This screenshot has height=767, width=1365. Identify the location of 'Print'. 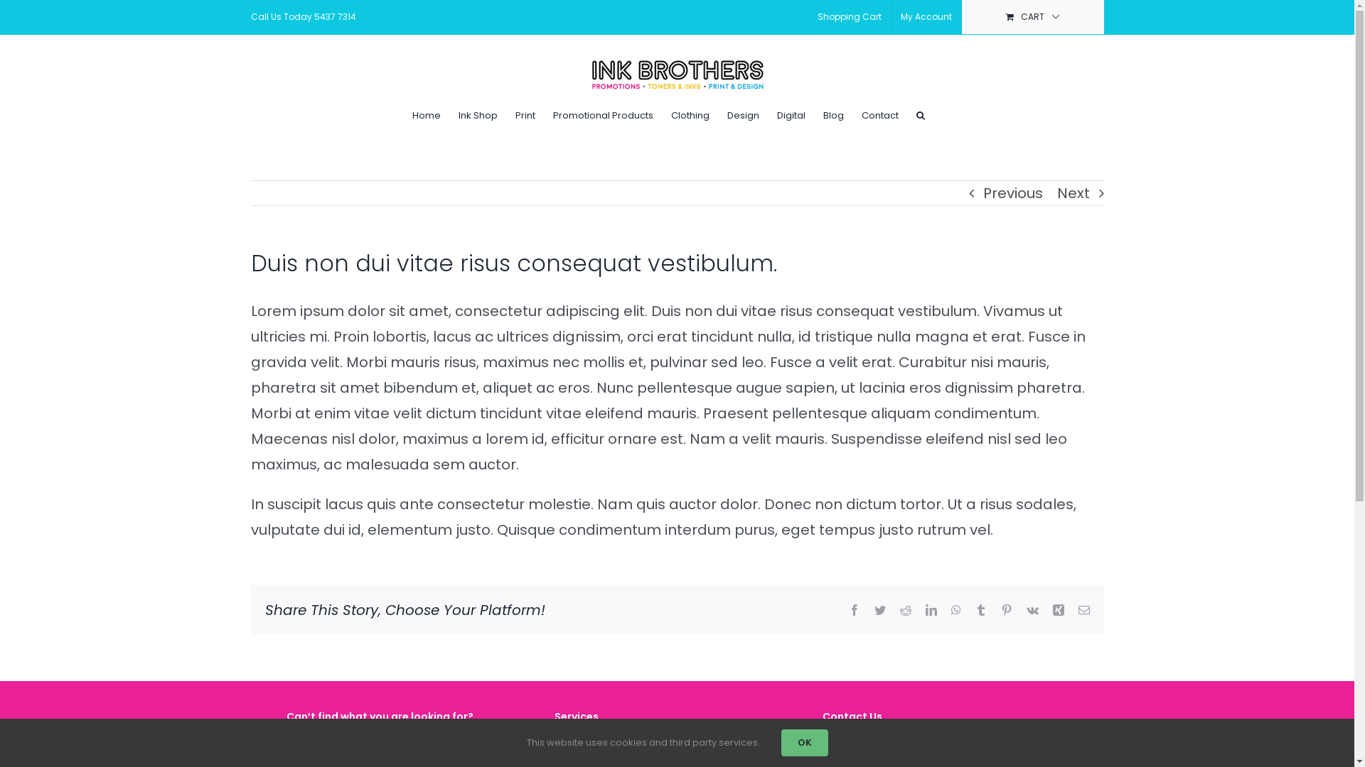
(514, 114).